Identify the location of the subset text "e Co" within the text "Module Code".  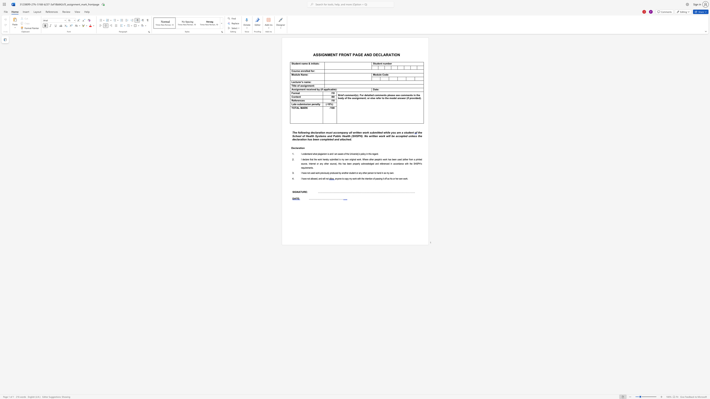
(380, 75).